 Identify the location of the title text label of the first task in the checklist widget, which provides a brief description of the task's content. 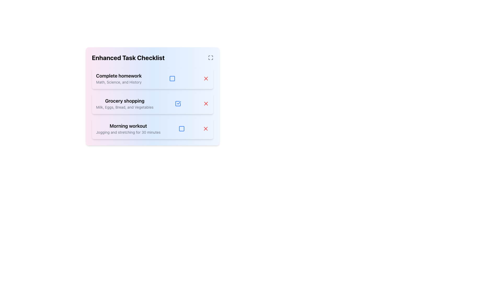
(118, 76).